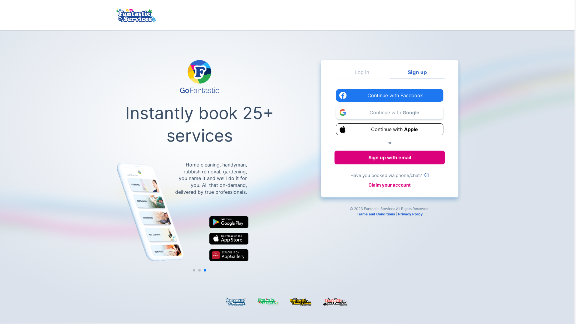  Describe the element at coordinates (225, 302) in the screenshot. I see `'Fantastic Cleaners'` at that location.